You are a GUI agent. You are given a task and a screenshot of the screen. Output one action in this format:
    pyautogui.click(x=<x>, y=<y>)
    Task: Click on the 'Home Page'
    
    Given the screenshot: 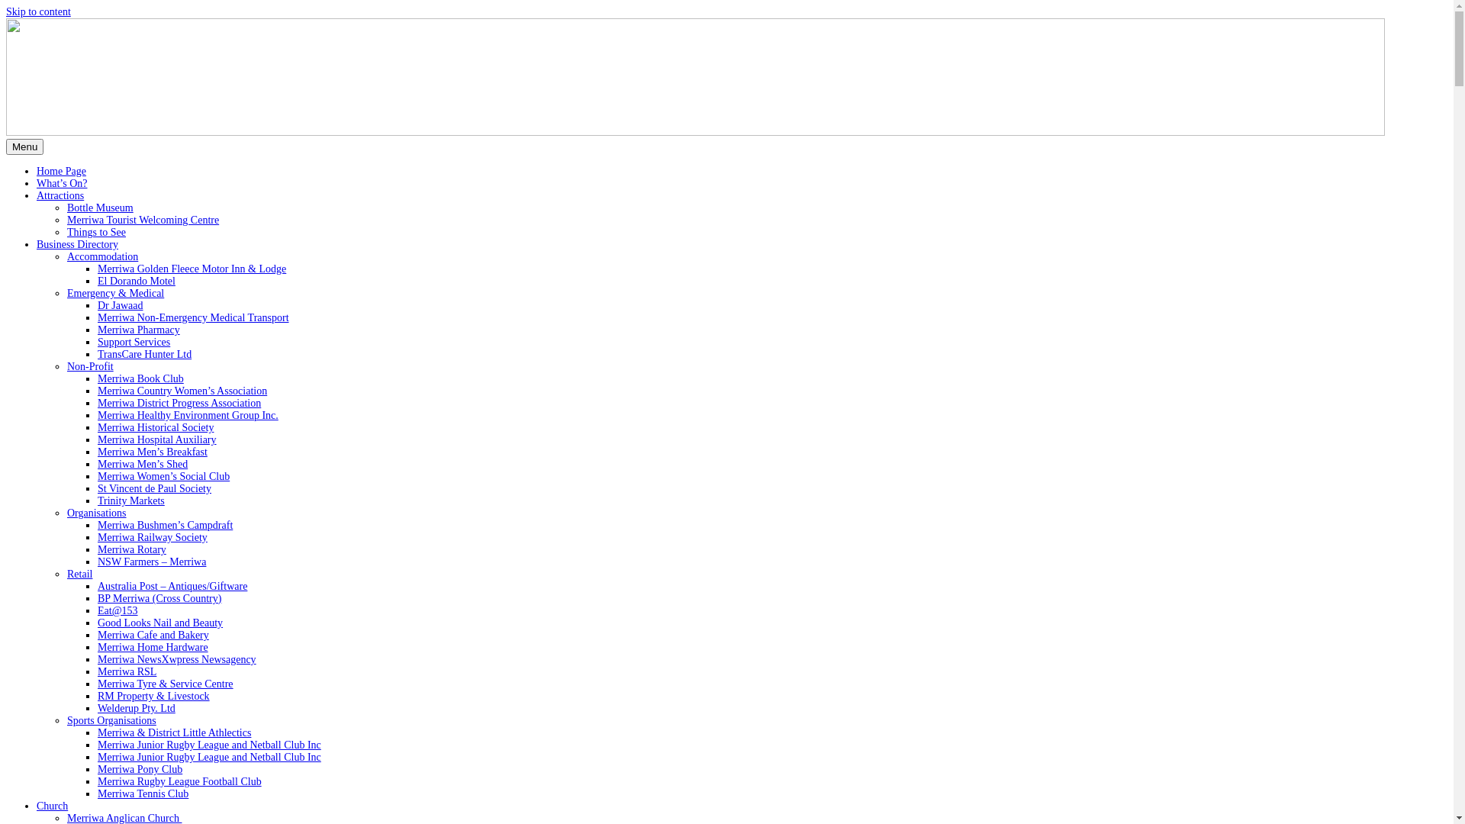 What is the action you would take?
    pyautogui.click(x=61, y=171)
    